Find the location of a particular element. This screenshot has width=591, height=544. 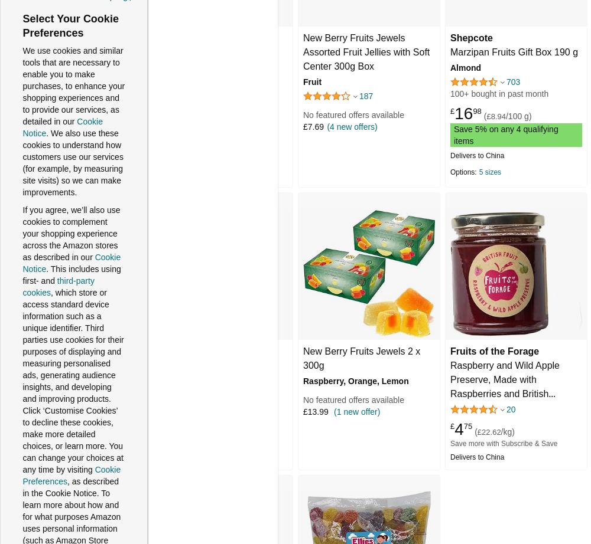

'£4.80' is located at coordinates (166, 127).